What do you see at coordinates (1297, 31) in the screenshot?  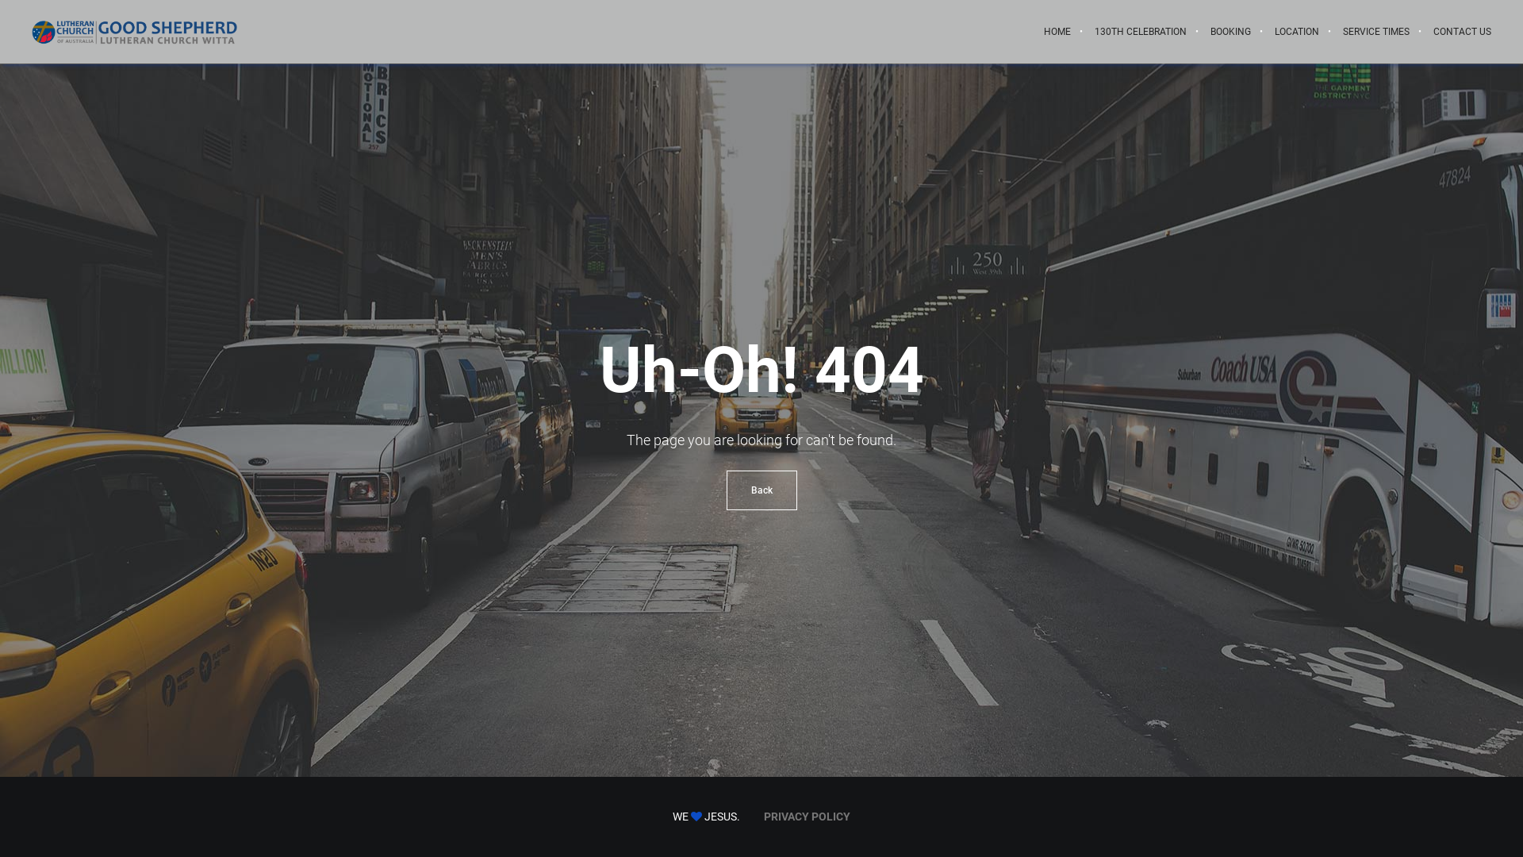 I see `'LOCATION'` at bounding box center [1297, 31].